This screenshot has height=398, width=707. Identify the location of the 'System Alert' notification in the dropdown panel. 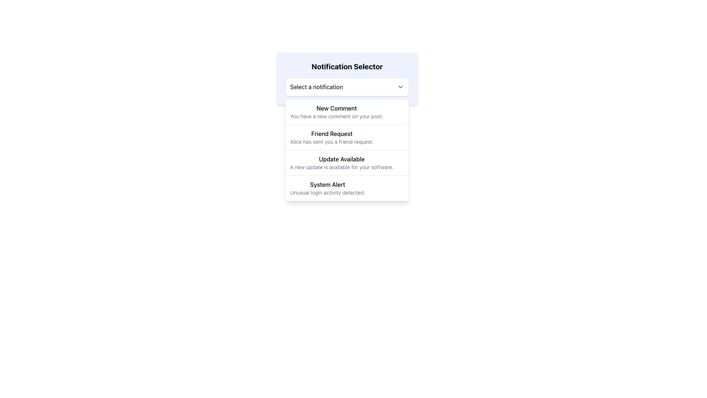
(327, 188).